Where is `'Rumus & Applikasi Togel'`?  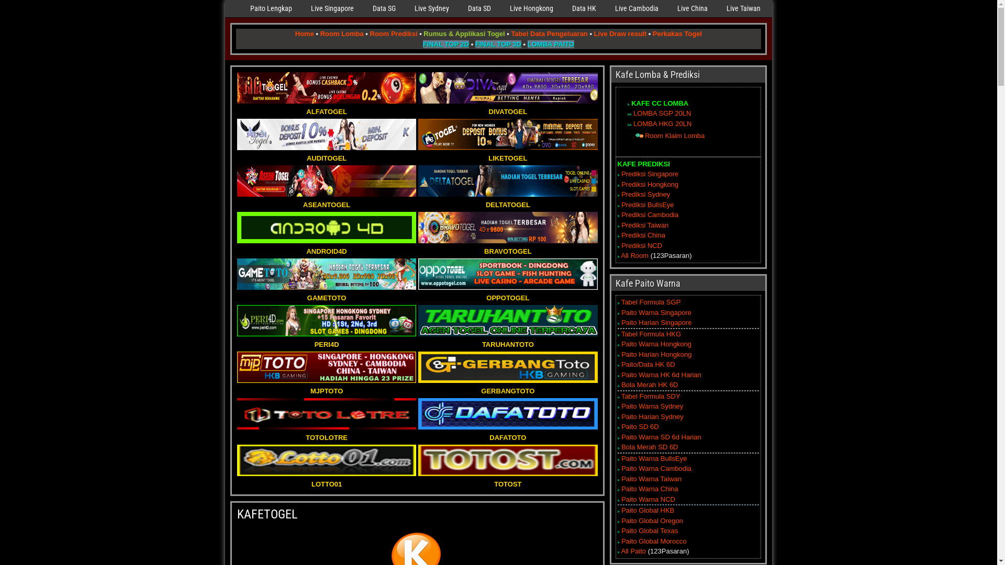 'Rumus & Applikasi Togel' is located at coordinates (463, 33).